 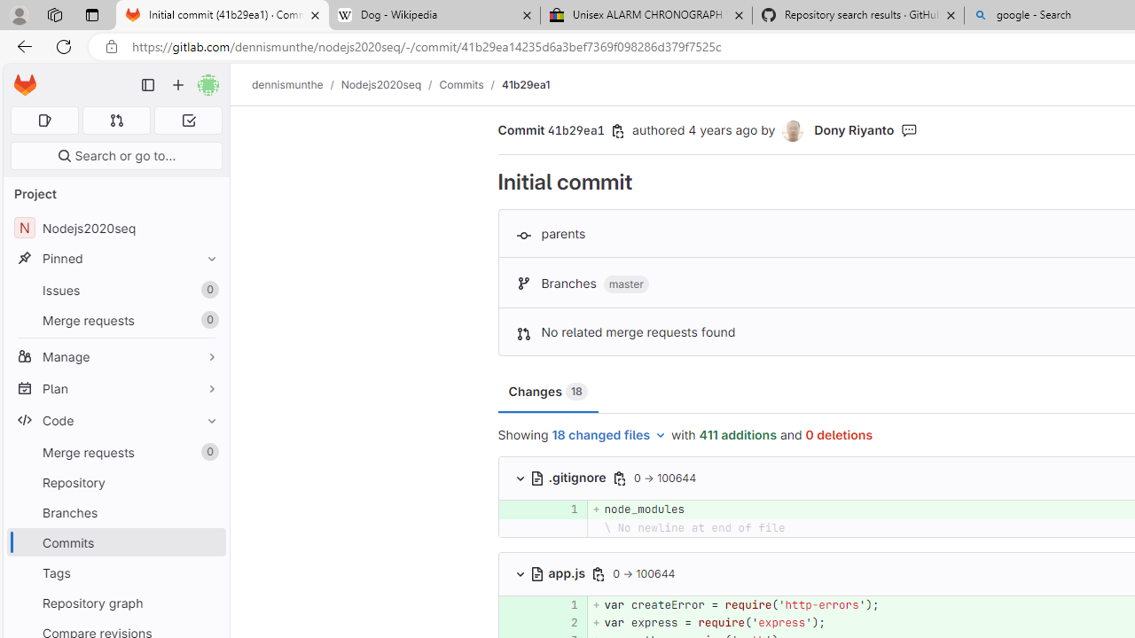 What do you see at coordinates (115, 258) in the screenshot?
I see `'Pinned'` at bounding box center [115, 258].